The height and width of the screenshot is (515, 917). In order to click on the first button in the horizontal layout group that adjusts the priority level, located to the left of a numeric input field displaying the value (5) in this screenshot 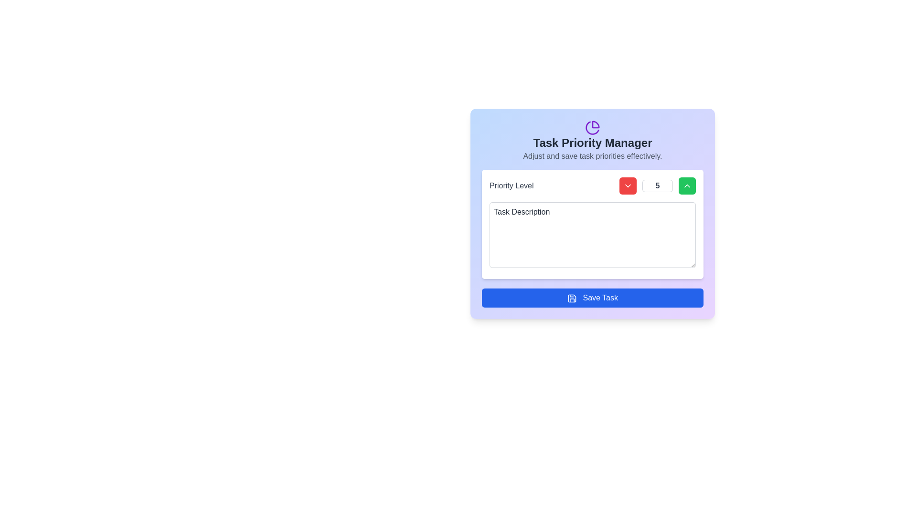, I will do `click(628, 185)`.